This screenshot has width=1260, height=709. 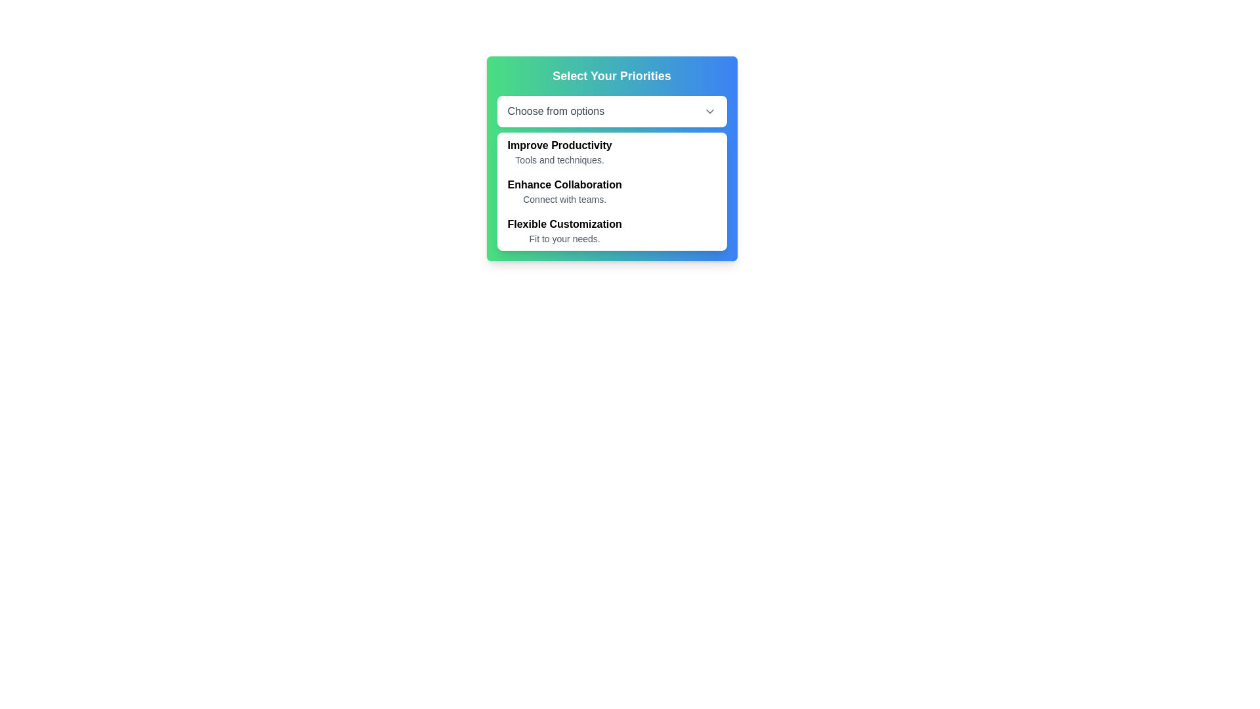 What do you see at coordinates (611, 230) in the screenshot?
I see `the third item in the dropdown menu that provides details related to 'Flexible Customization'` at bounding box center [611, 230].